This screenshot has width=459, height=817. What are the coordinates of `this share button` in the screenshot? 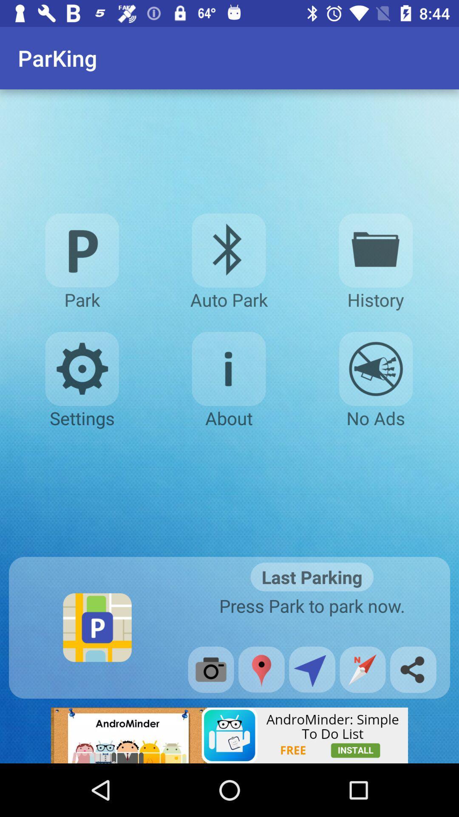 It's located at (312, 669).